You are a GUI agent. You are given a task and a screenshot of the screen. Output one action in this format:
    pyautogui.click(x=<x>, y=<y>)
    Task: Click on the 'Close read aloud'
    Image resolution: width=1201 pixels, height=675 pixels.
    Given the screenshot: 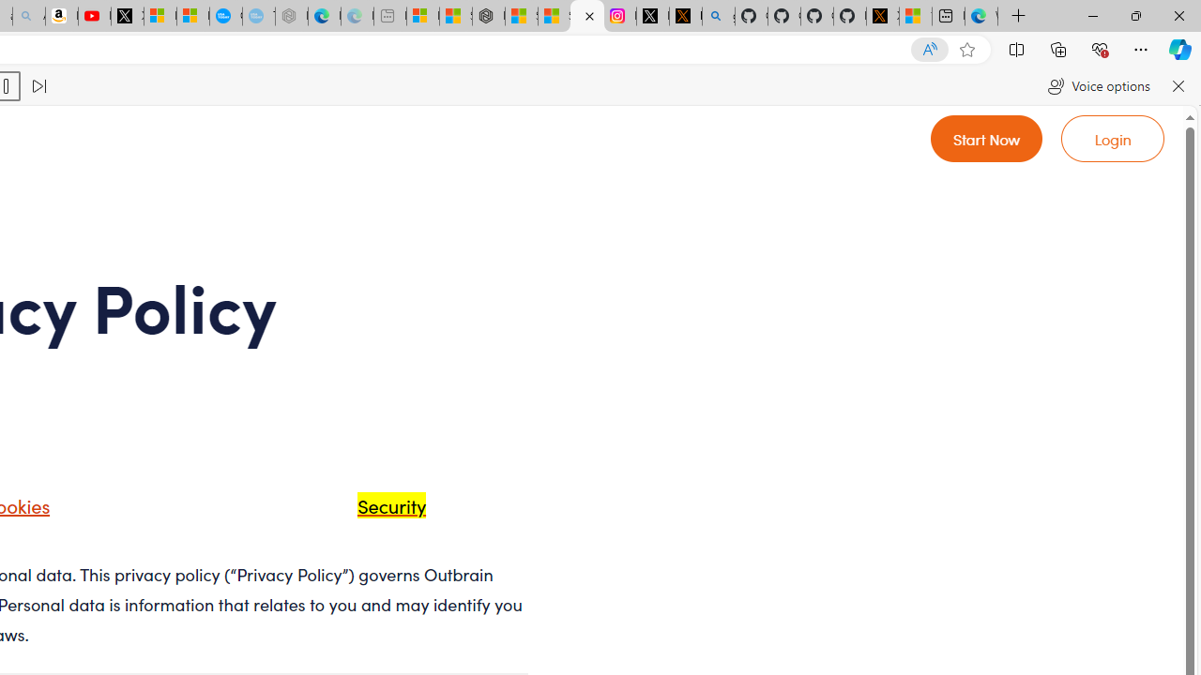 What is the action you would take?
    pyautogui.click(x=1177, y=86)
    